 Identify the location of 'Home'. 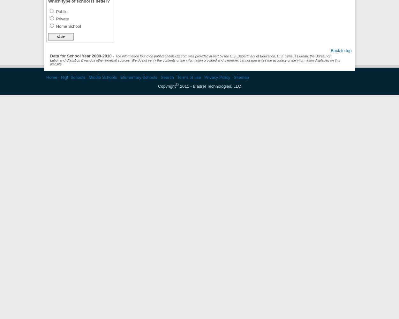
(46, 77).